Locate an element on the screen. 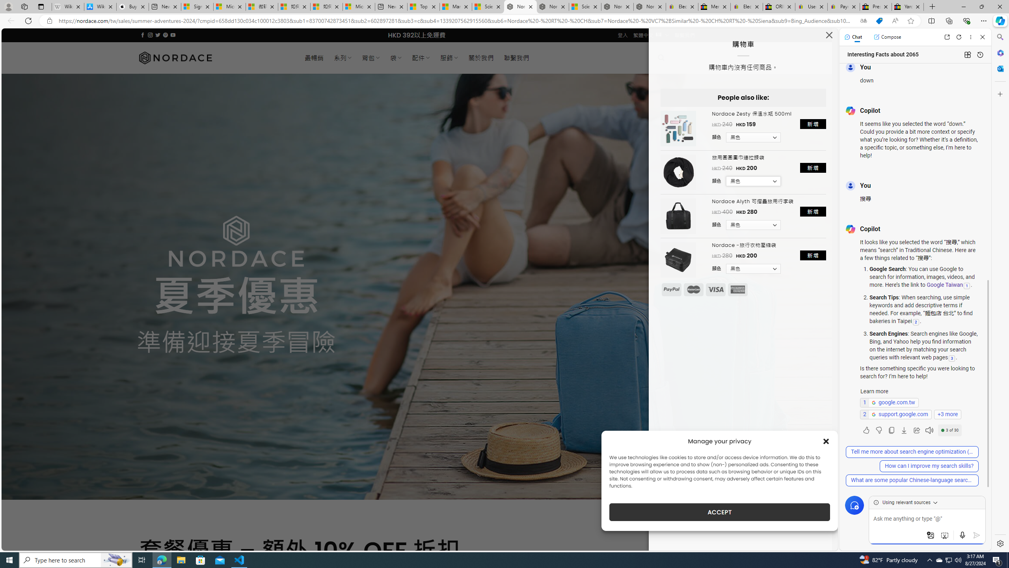  'ACCEPT' is located at coordinates (720, 512).